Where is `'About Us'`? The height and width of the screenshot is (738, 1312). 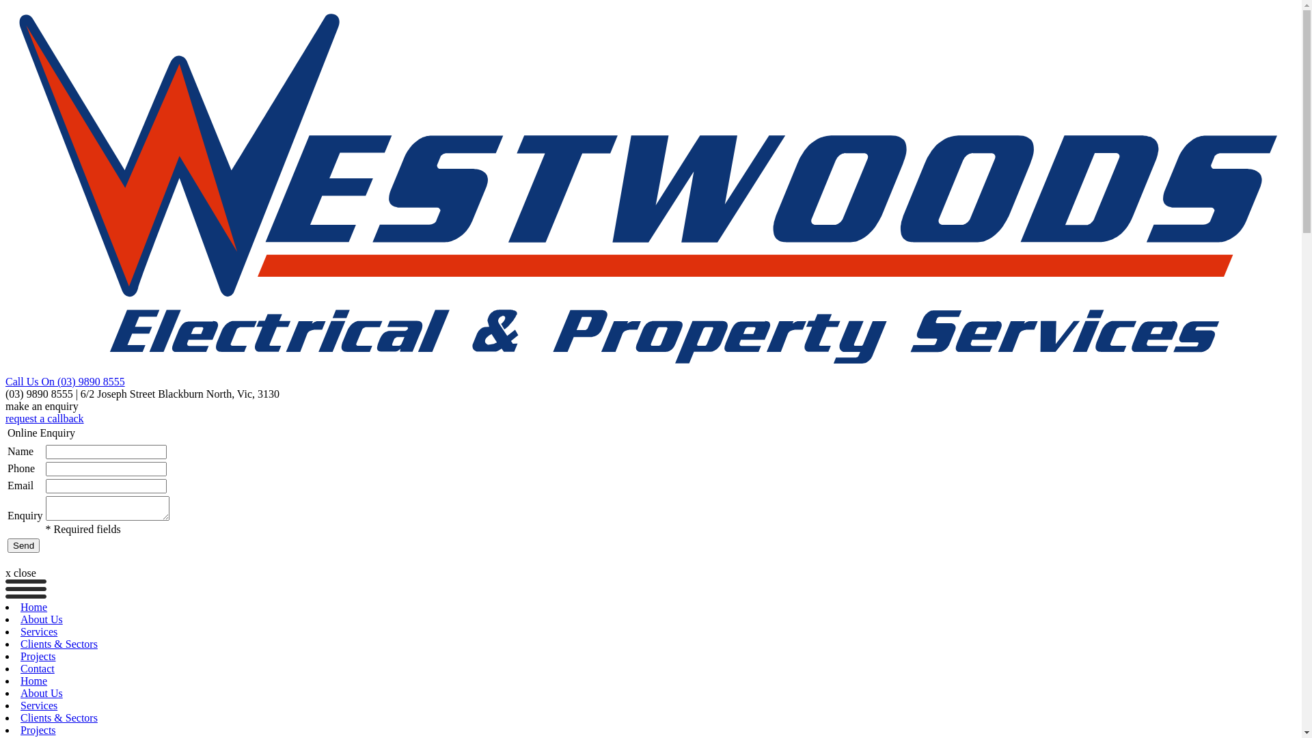 'About Us' is located at coordinates (42, 619).